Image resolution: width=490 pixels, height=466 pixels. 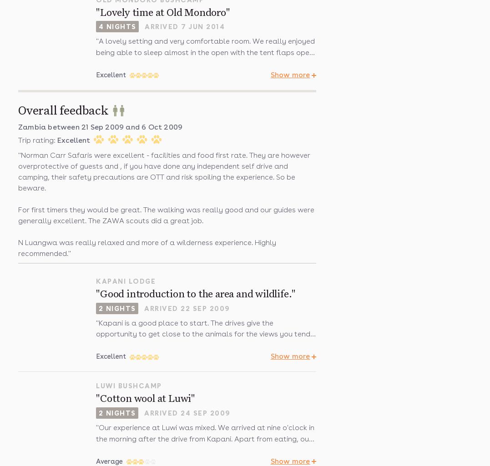 I want to click on 'It was a bit annoying to have to radio for an escort to walk a few yards to dinner or if an elephant was in camp. Once back at our room the elephant was grazing right outside and was not bothered about us."', so click(x=202, y=137).